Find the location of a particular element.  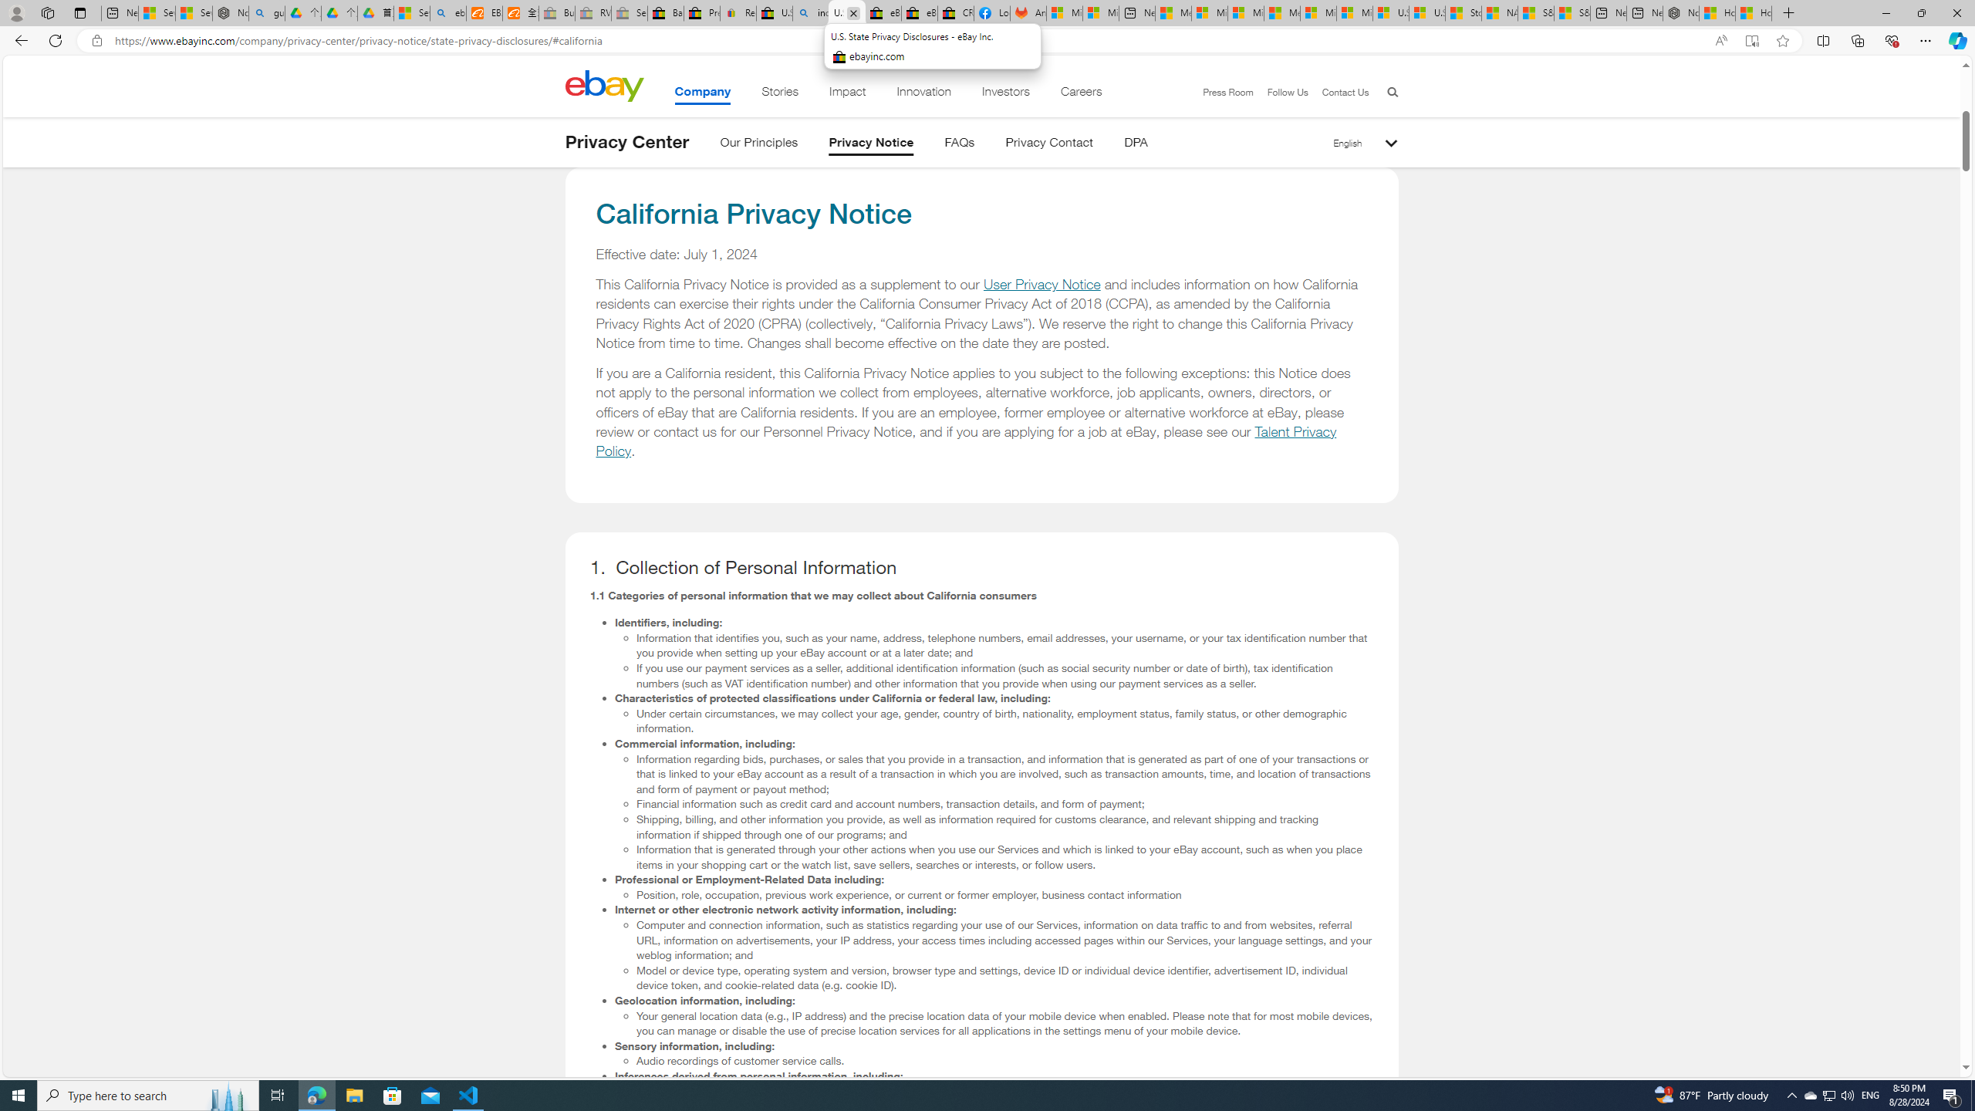

'U.S. State Privacy Disclosures - eBay Inc.' is located at coordinates (846, 12).